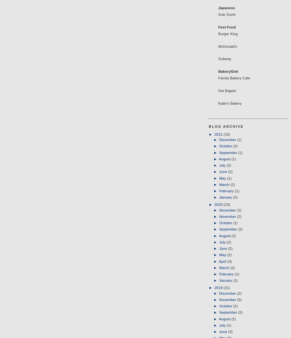  What do you see at coordinates (226, 7) in the screenshot?
I see `'Japanese'` at bounding box center [226, 7].